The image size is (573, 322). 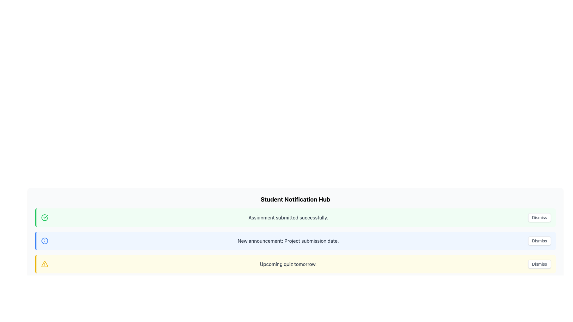 I want to click on the text label that reads 'Assignment submitted successfully.' within the green notification box, so click(x=288, y=217).